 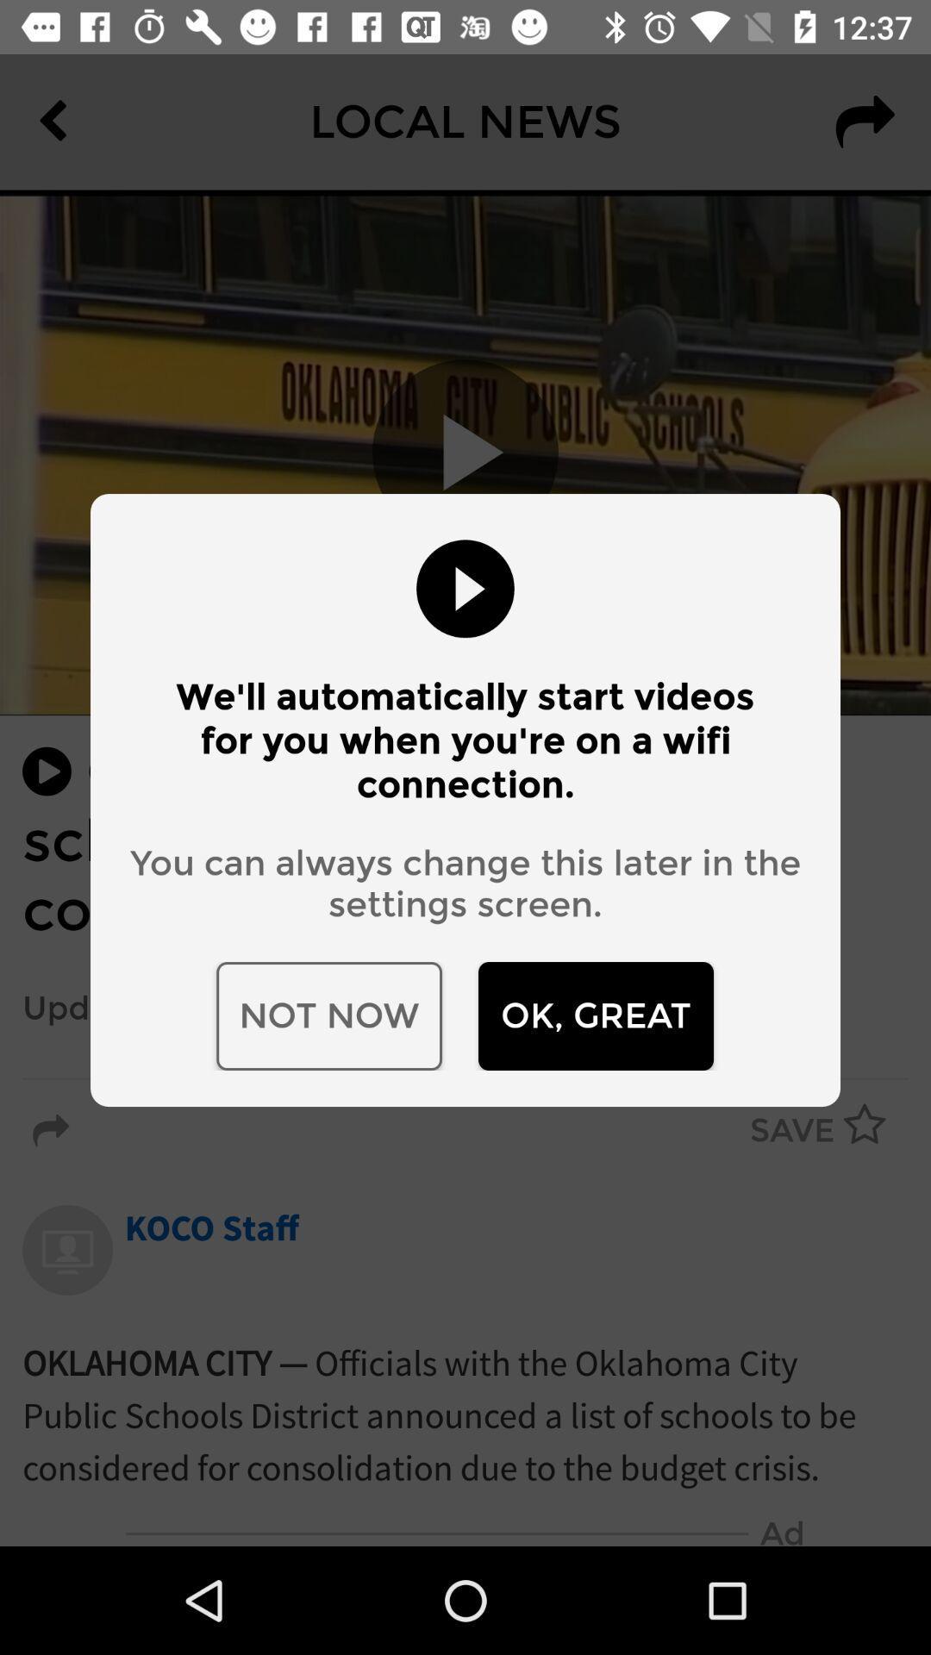 I want to click on the redo icon, so click(x=865, y=121).